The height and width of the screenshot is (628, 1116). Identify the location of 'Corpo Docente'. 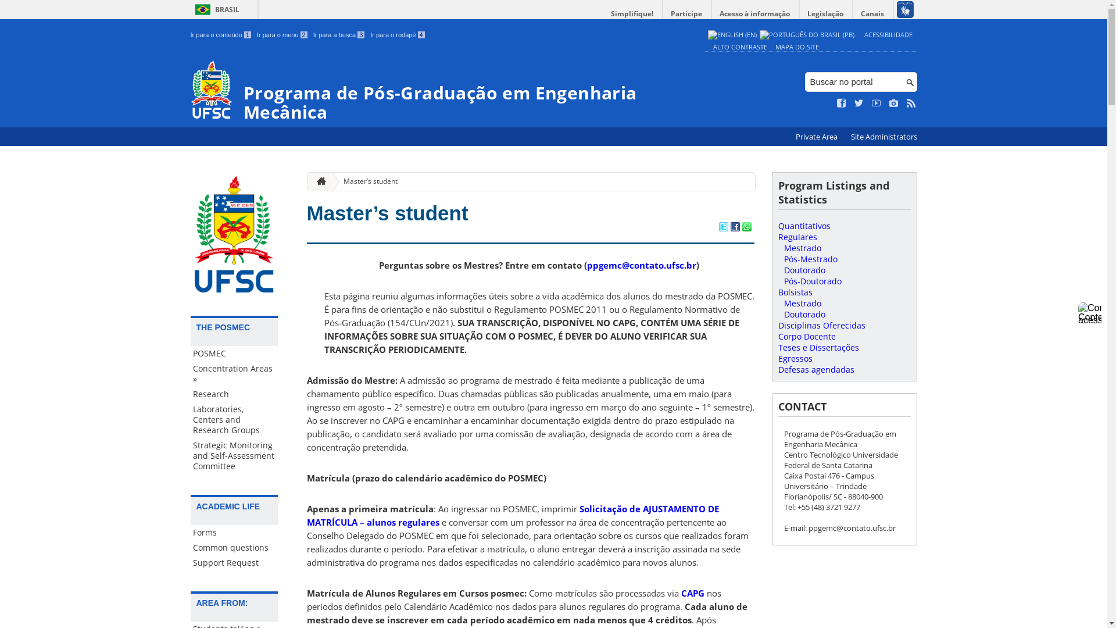
(806, 336).